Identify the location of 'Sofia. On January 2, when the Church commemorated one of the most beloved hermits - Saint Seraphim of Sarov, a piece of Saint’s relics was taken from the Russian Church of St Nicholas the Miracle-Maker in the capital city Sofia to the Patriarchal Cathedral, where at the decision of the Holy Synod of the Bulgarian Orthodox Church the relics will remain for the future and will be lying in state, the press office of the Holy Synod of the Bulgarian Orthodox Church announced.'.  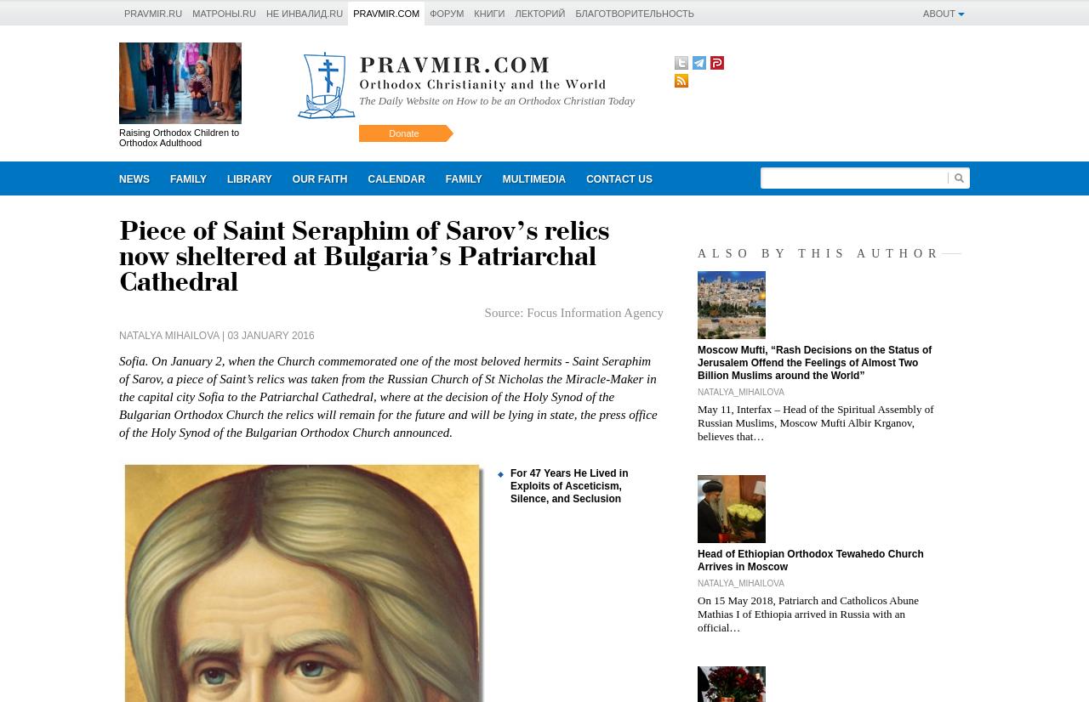
(387, 396).